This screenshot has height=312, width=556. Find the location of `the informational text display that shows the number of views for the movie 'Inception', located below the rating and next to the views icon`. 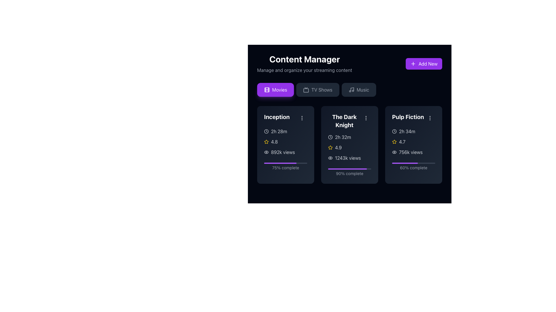

the informational text display that shows the number of views for the movie 'Inception', located below the rating and next to the views icon is located at coordinates (283, 152).